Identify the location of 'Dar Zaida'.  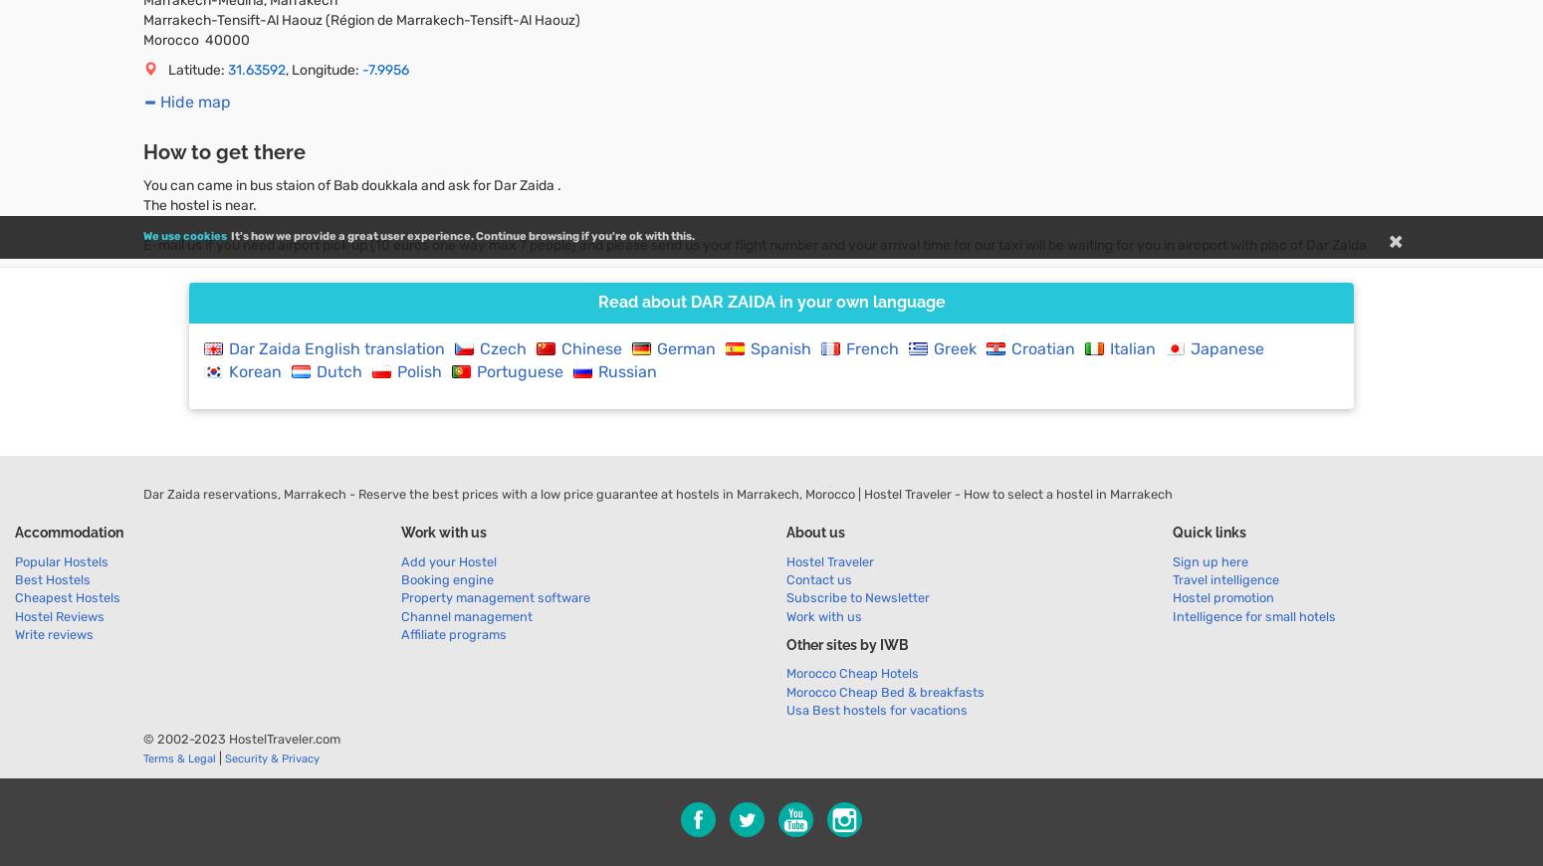
(732, 301).